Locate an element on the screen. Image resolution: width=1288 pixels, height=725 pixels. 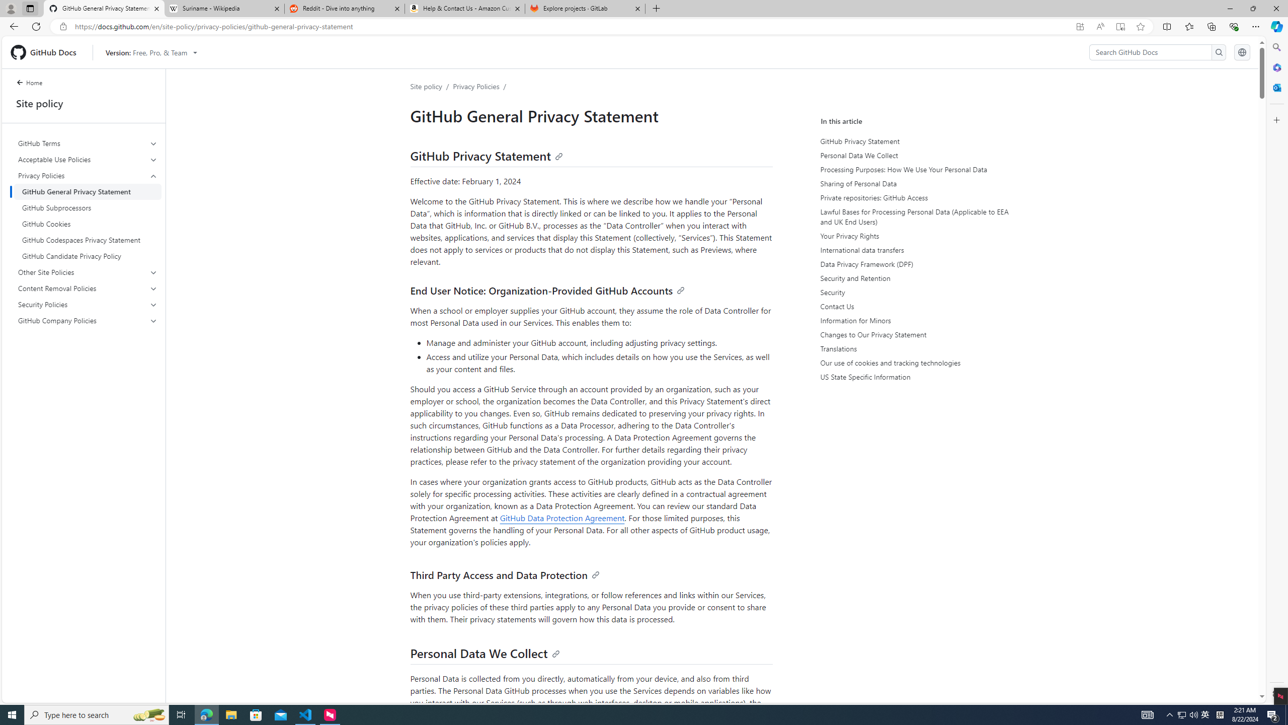
'Sharing of Personal Data' is located at coordinates (913, 183).